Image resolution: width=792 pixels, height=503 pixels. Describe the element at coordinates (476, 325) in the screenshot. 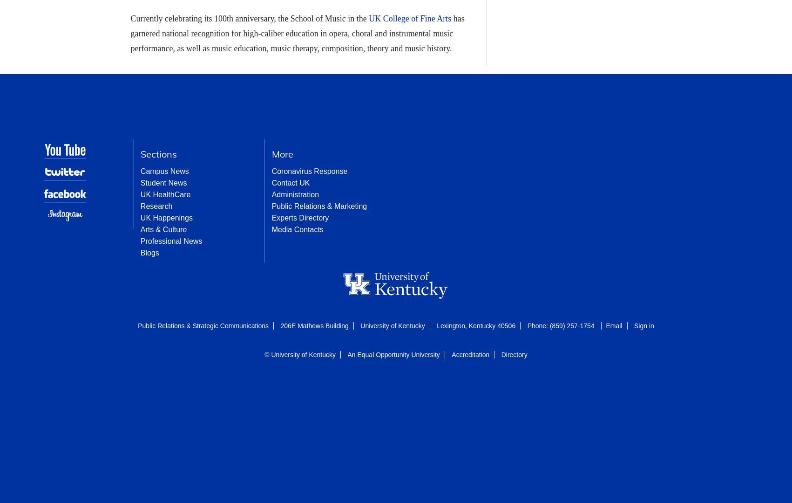

I see `'Lexington, Kentucky 40506'` at that location.